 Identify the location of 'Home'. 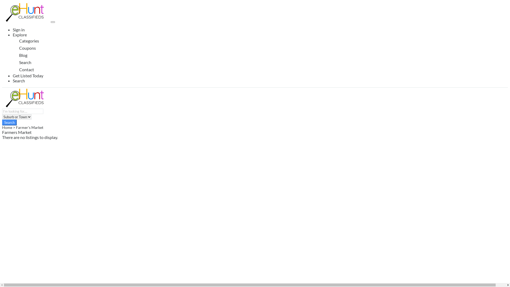
(7, 127).